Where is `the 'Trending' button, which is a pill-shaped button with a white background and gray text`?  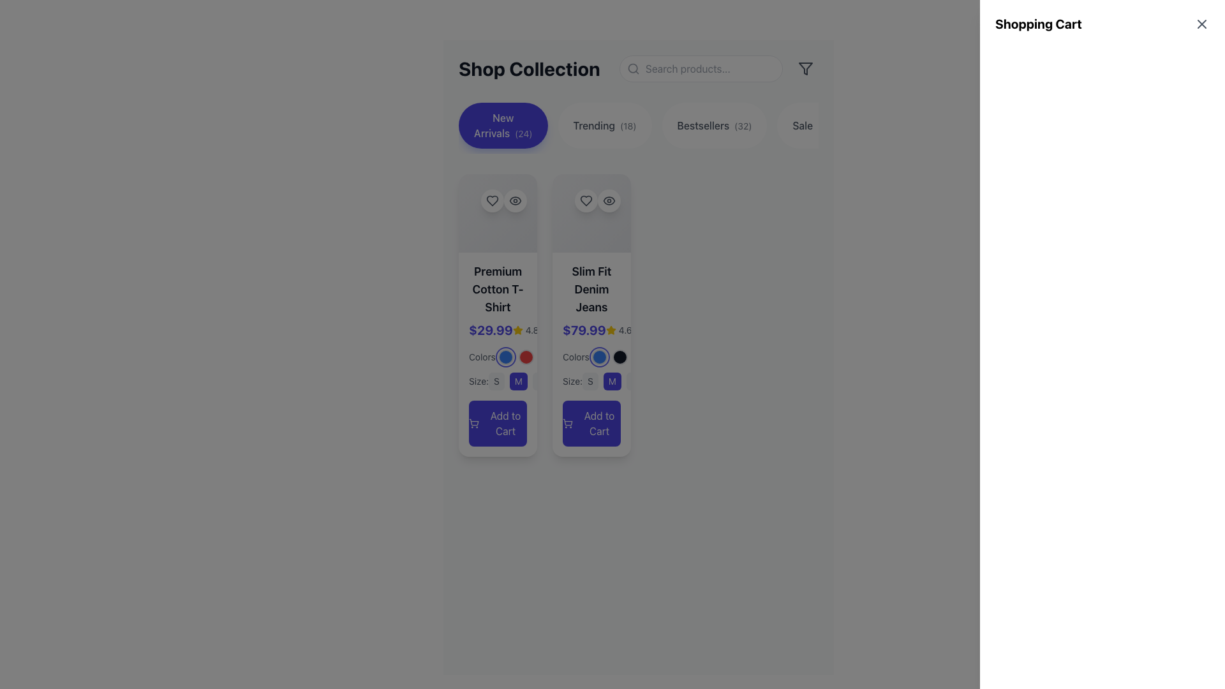 the 'Trending' button, which is a pill-shaped button with a white background and gray text is located at coordinates (604, 125).